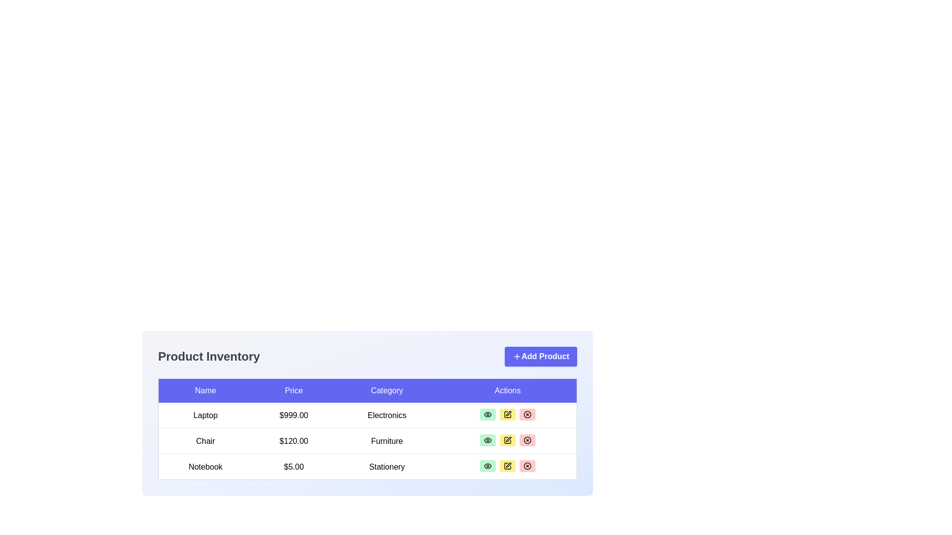 This screenshot has height=535, width=952. What do you see at coordinates (527, 415) in the screenshot?
I see `the delete button` at bounding box center [527, 415].